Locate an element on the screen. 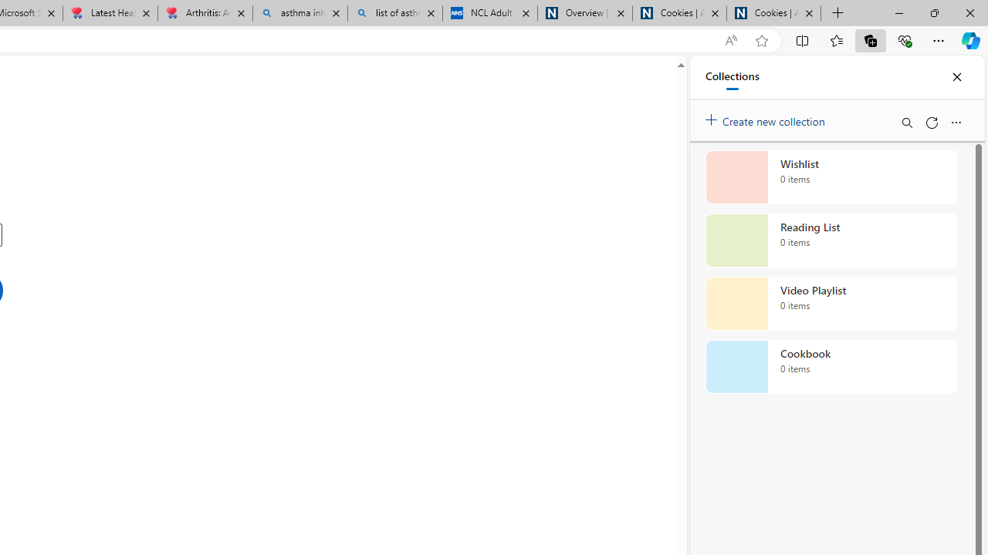  'Cookies | About | NICE' is located at coordinates (773, 13).